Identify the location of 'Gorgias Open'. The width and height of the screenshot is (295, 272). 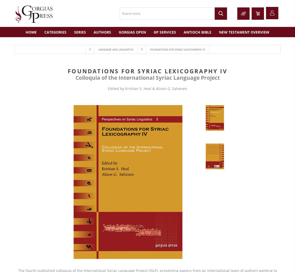
(132, 32).